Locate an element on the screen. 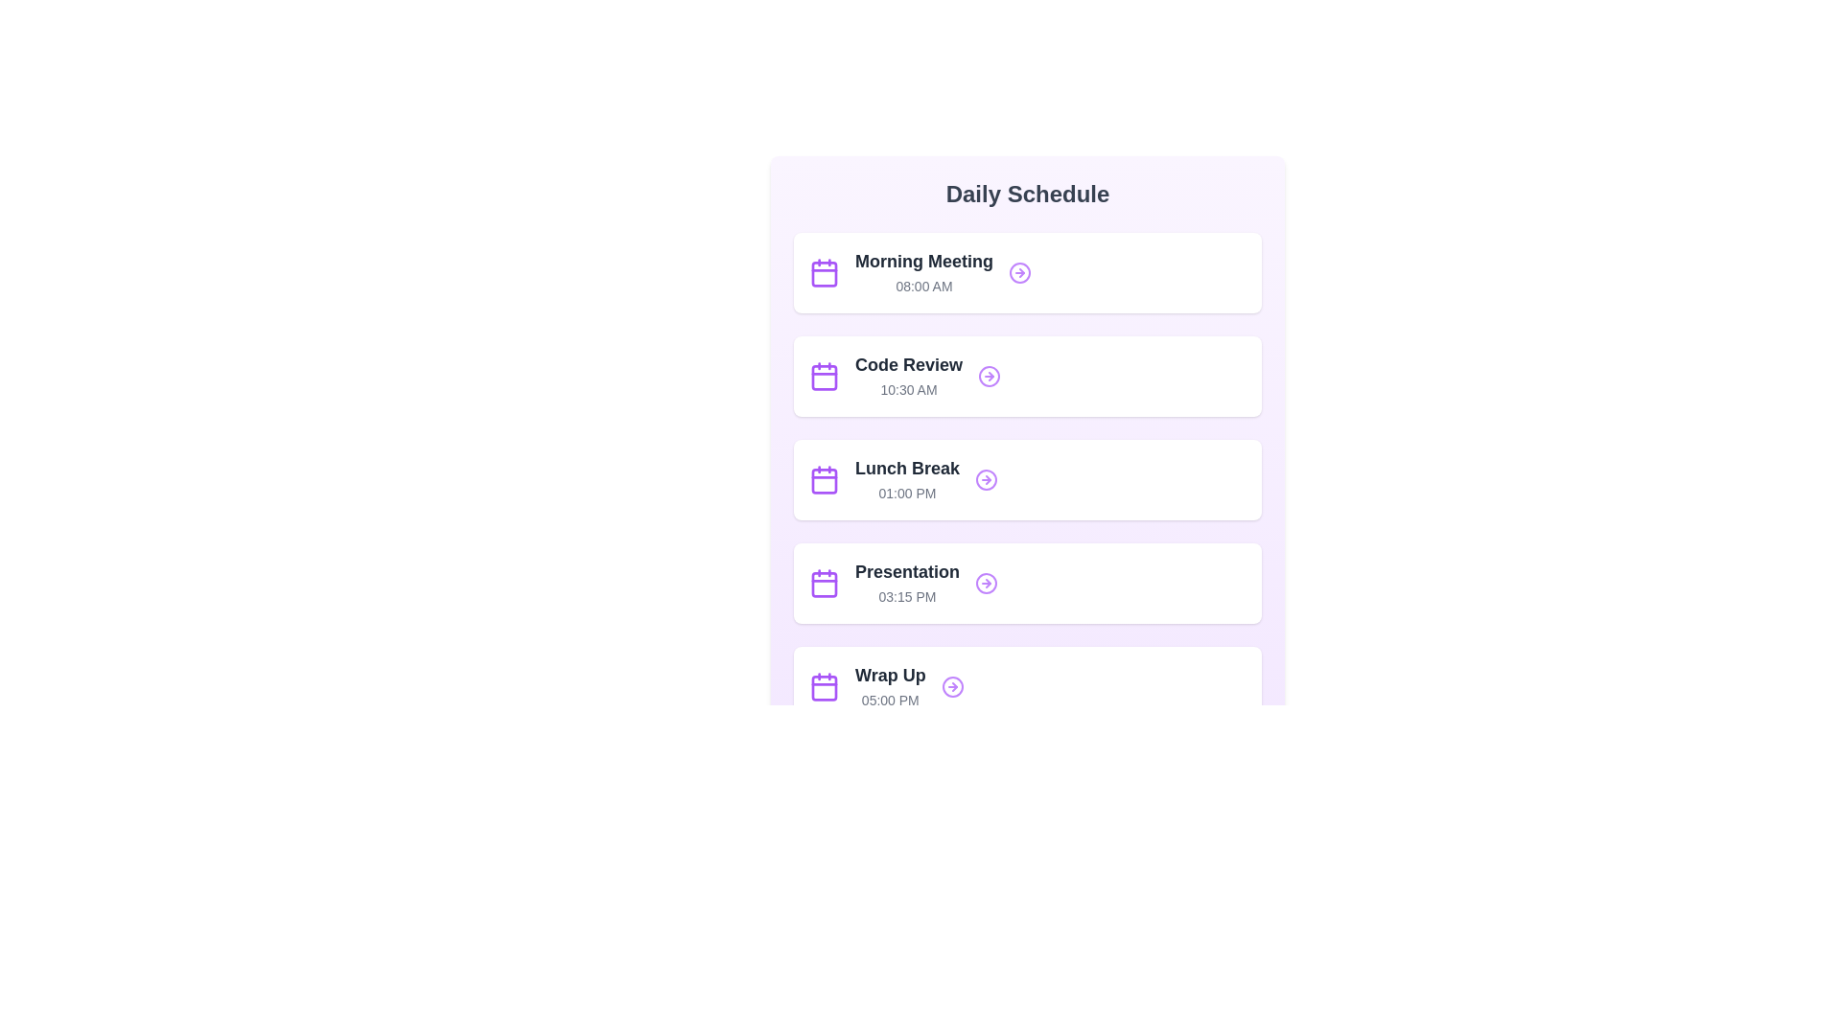 Image resolution: width=1841 pixels, height=1035 pixels. the card element is located at coordinates (1026, 377).